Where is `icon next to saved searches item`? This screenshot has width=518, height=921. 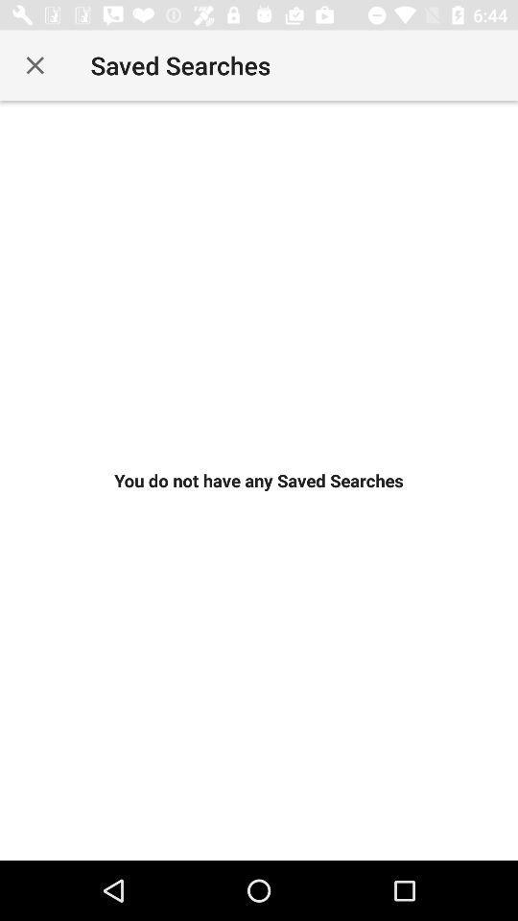 icon next to saved searches item is located at coordinates (35, 65).